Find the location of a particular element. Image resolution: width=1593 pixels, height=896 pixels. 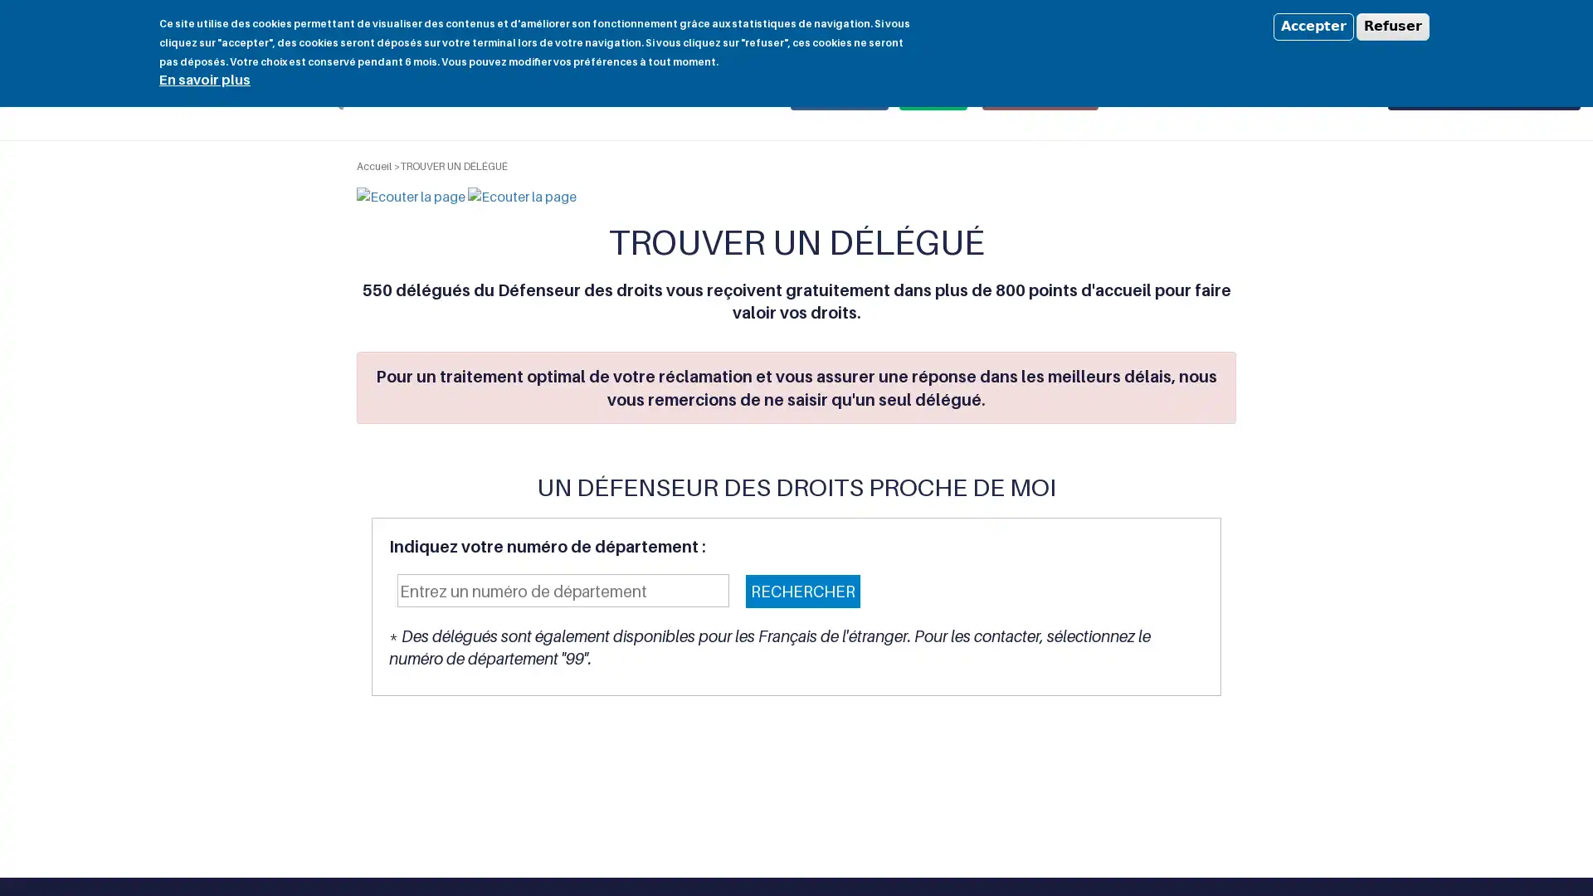

Afficher le formulaire de recherche is located at coordinates (328, 94).